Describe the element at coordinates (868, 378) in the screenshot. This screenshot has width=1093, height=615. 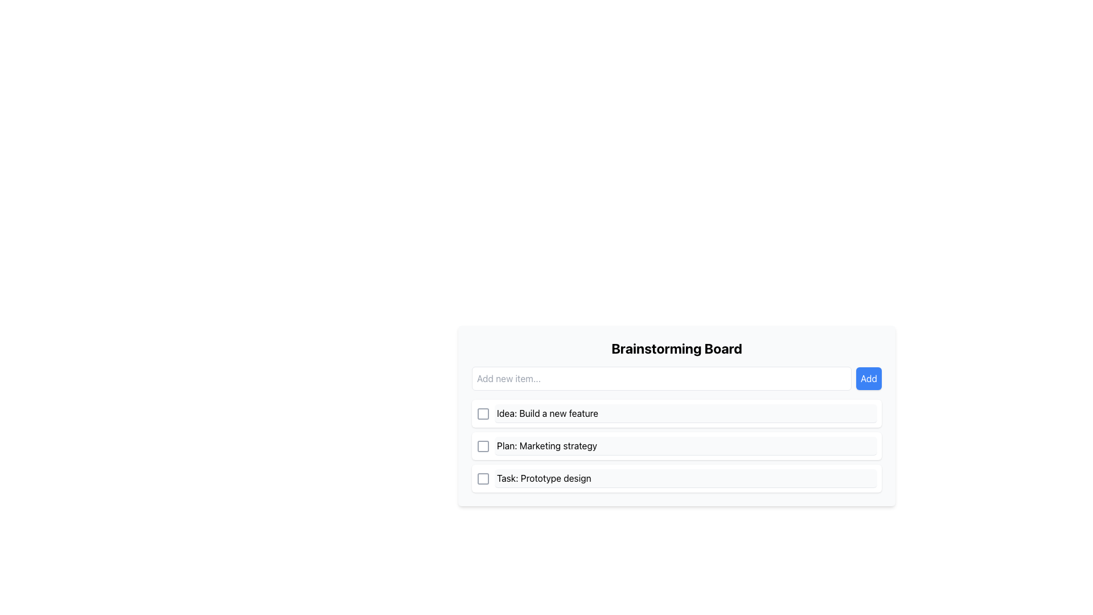
I see `the submit button located to the right of the text input field on the 'Brainstorming Board' interface` at that location.